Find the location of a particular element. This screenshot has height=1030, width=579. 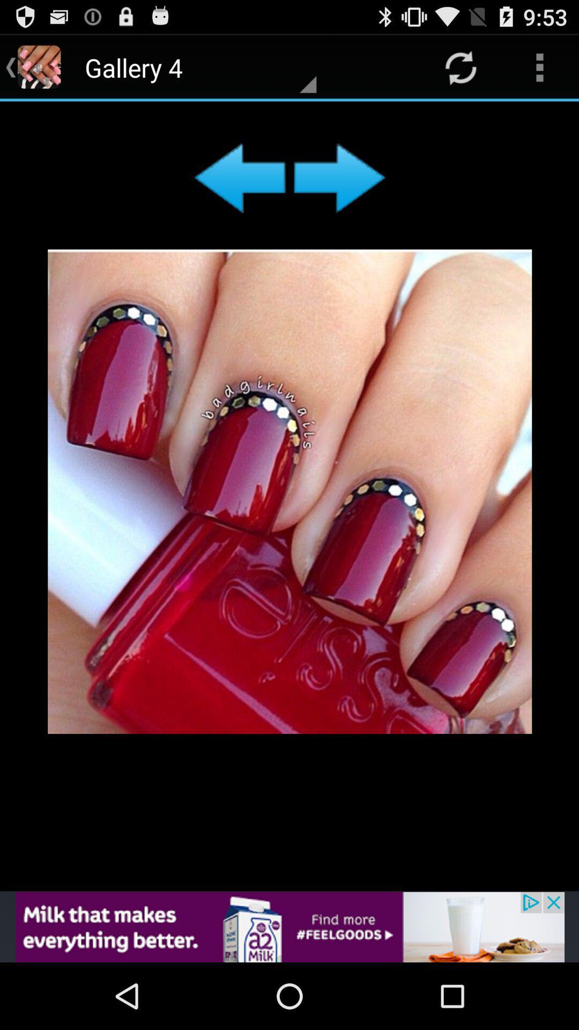

advertisement is located at coordinates (289, 496).